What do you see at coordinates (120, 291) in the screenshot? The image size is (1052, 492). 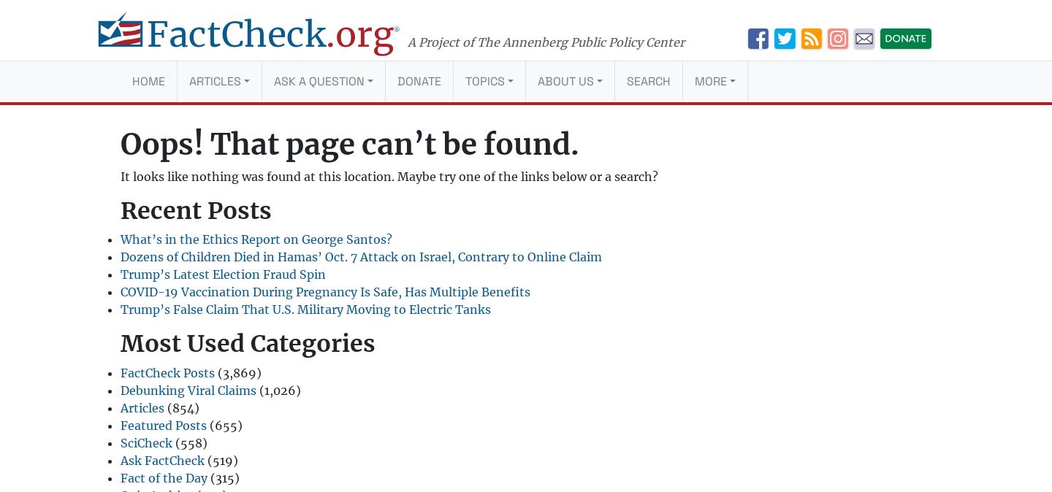 I see `'COVID-19 Vaccination During Pregnancy Is Safe, Has Multiple Benefits'` at bounding box center [120, 291].